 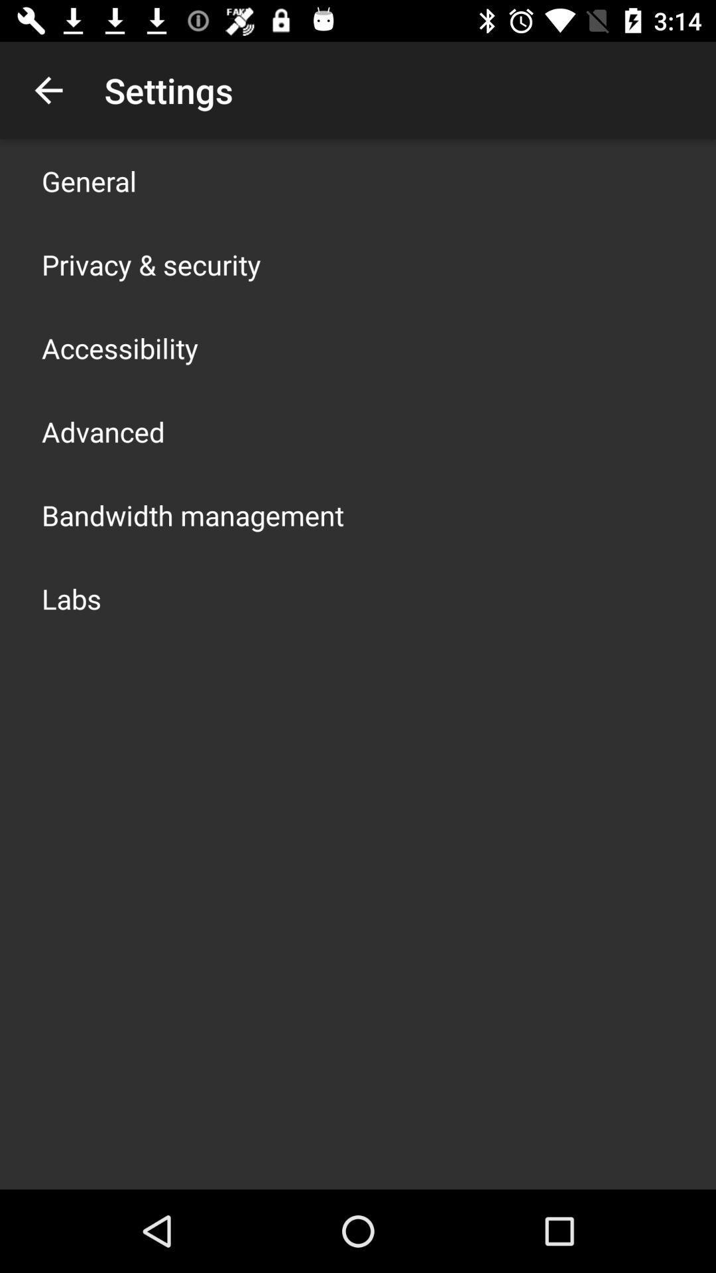 I want to click on the privacy & security app, so click(x=150, y=264).